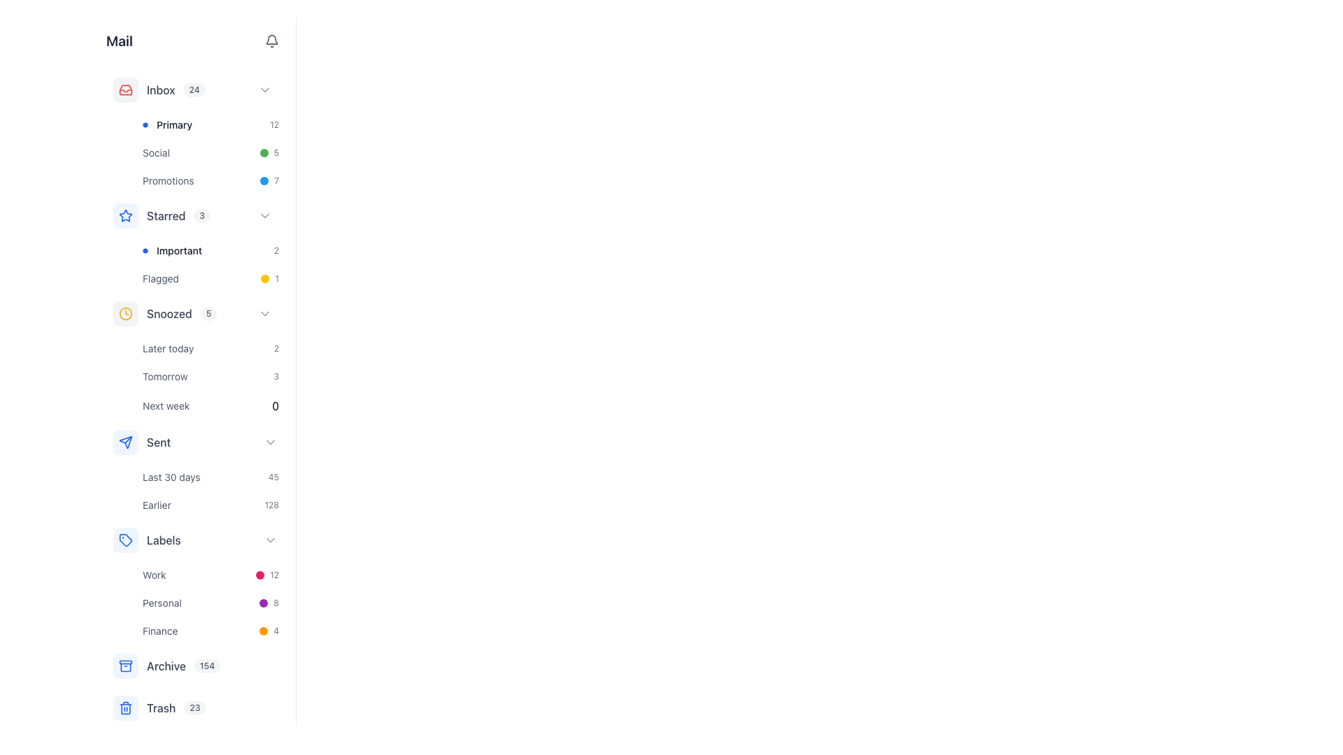  Describe the element at coordinates (271, 40) in the screenshot. I see `the notification icon button located at the top-right corner of the interface to trigger the hover effect` at that location.